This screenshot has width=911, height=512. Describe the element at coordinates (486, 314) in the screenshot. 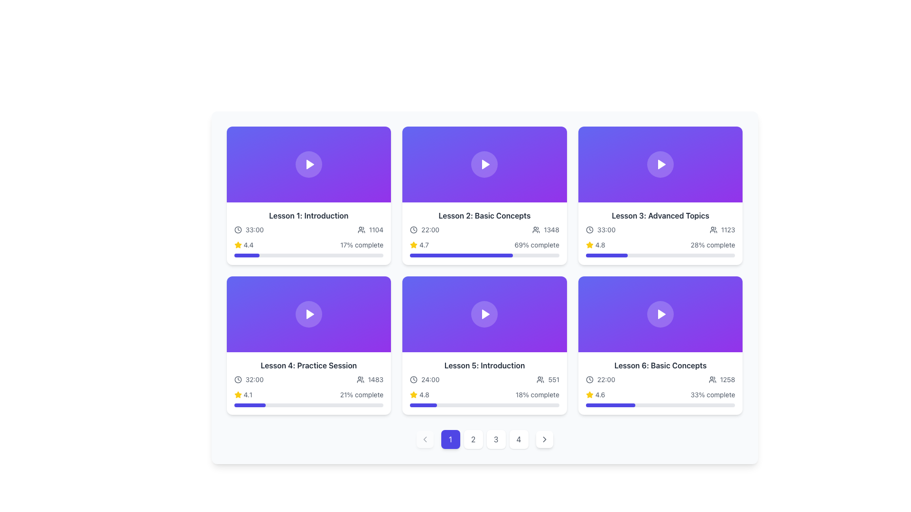

I see `the triangle in the center of the play button icon located in the middle of the fifth rectangle in a six-card grid layout` at that location.